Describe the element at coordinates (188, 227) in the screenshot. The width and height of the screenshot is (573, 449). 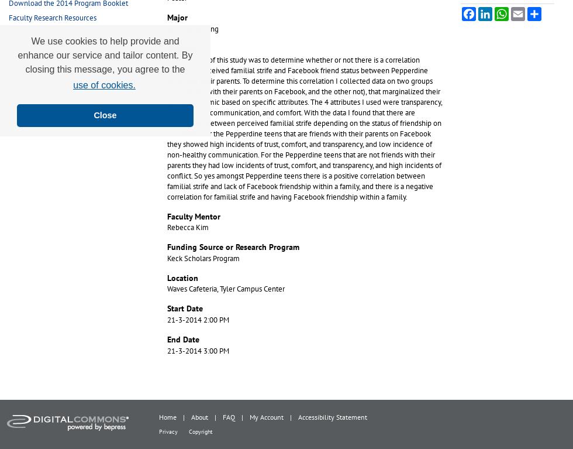
I see `'Rebecca Kim'` at that location.